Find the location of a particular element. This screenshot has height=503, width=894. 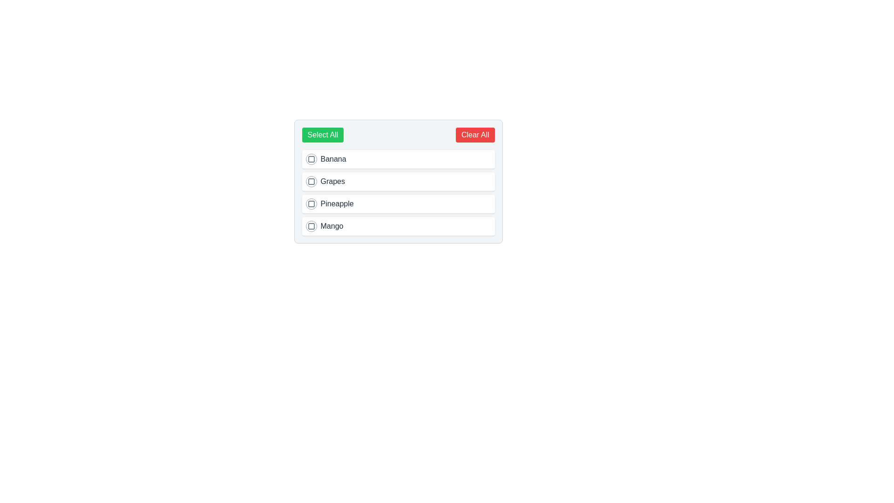

the checkbox for 'Banana' is located at coordinates (311, 159).